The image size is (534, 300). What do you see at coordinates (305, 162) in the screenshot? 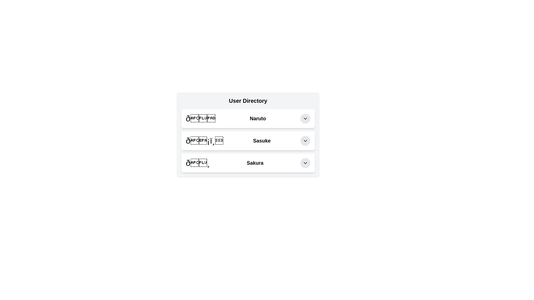
I see `the circular Dropdown toggle button with a light gray background and a downward-facing chevron icon, located at the rightmost end of the 'Sakura' row` at bounding box center [305, 162].